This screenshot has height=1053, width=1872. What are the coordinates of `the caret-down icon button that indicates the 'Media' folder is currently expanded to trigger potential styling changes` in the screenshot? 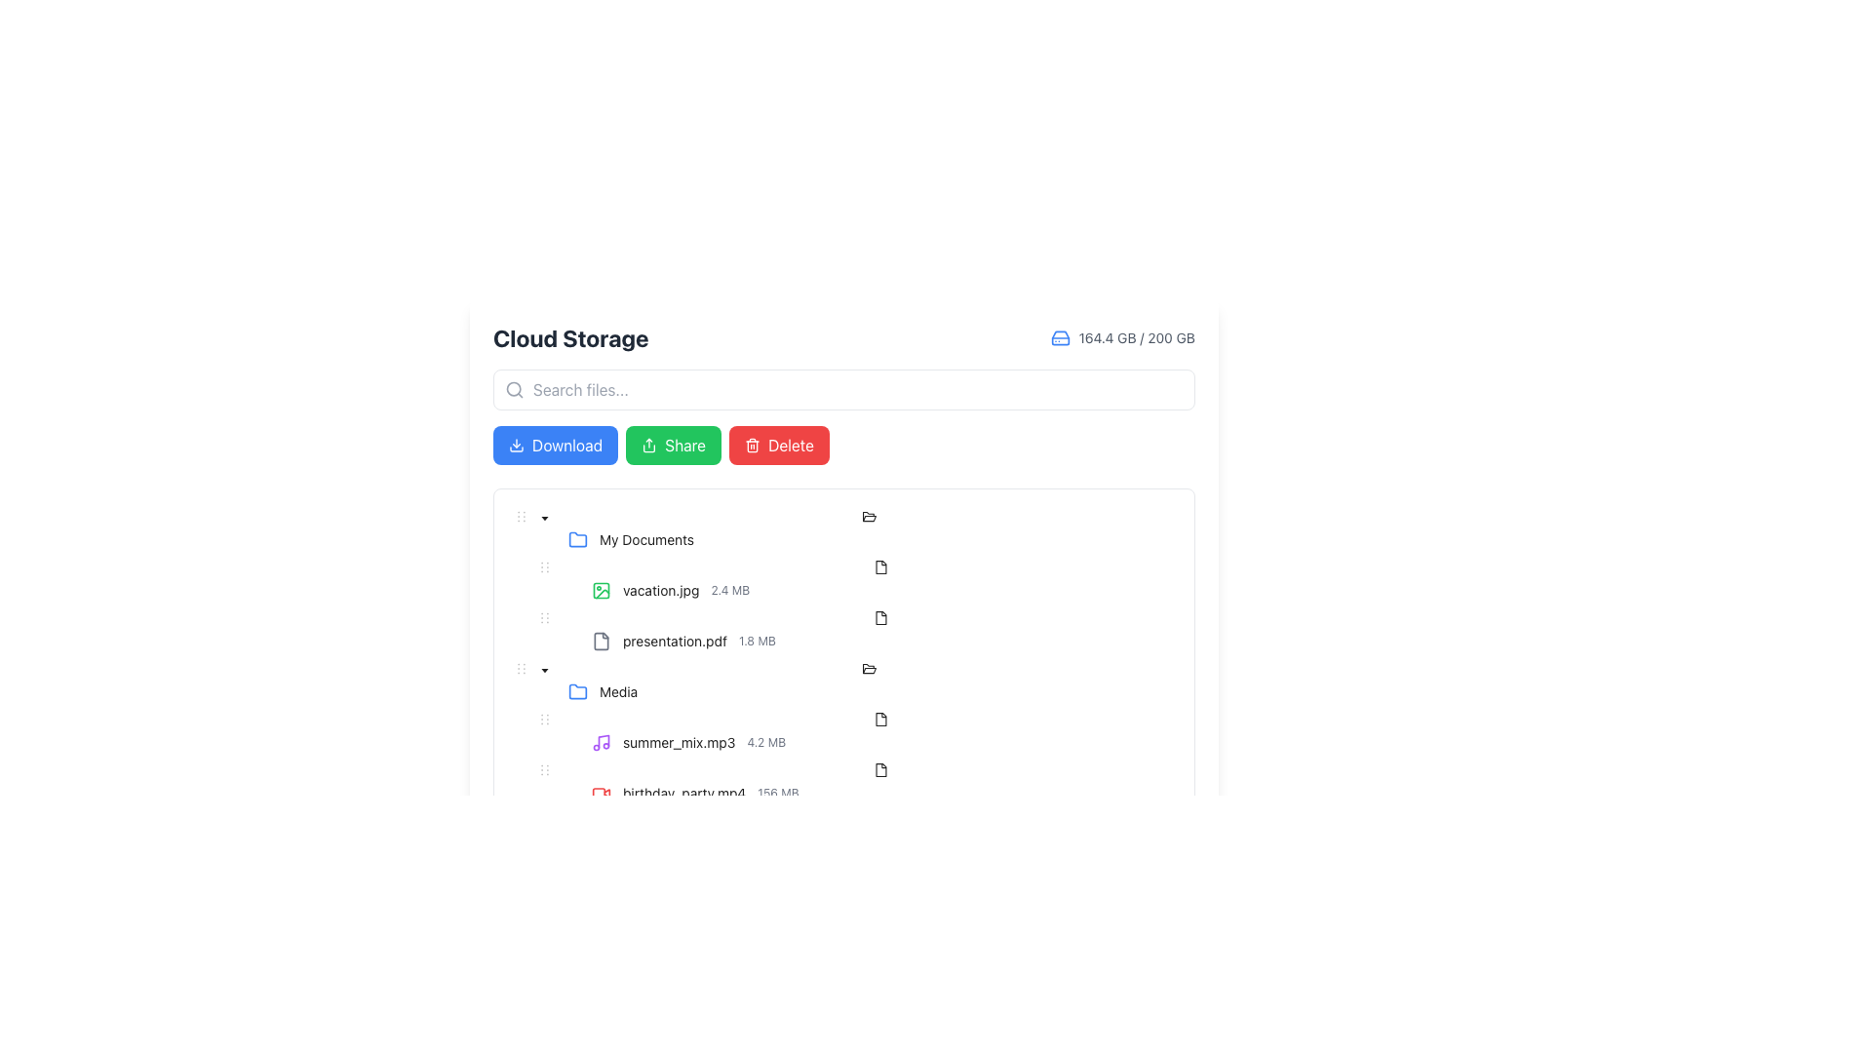 It's located at (544, 518).